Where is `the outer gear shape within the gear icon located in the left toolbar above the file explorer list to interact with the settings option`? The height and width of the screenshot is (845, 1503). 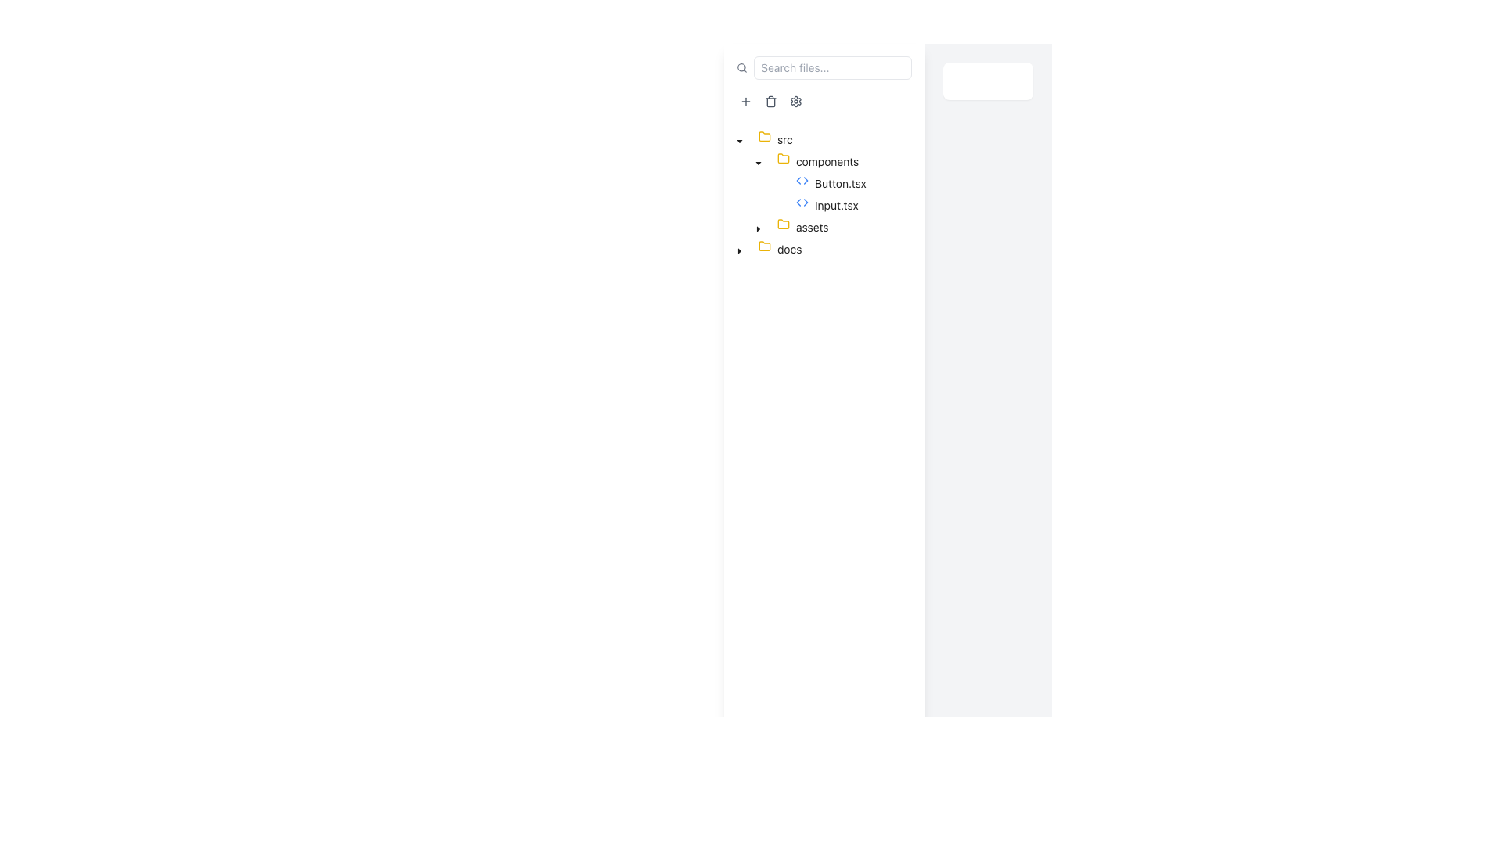
the outer gear shape within the gear icon located in the left toolbar above the file explorer list to interact with the settings option is located at coordinates (796, 102).